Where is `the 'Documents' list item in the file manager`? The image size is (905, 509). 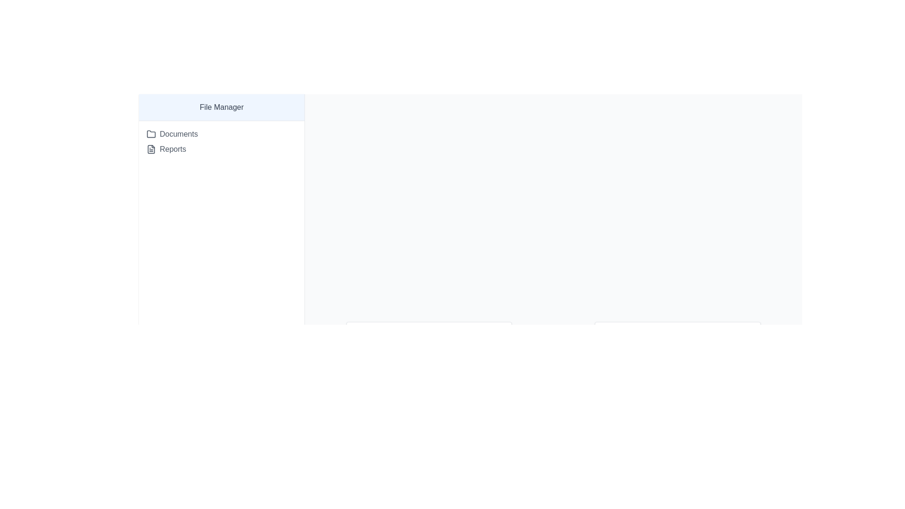 the 'Documents' list item in the file manager is located at coordinates (221, 134).